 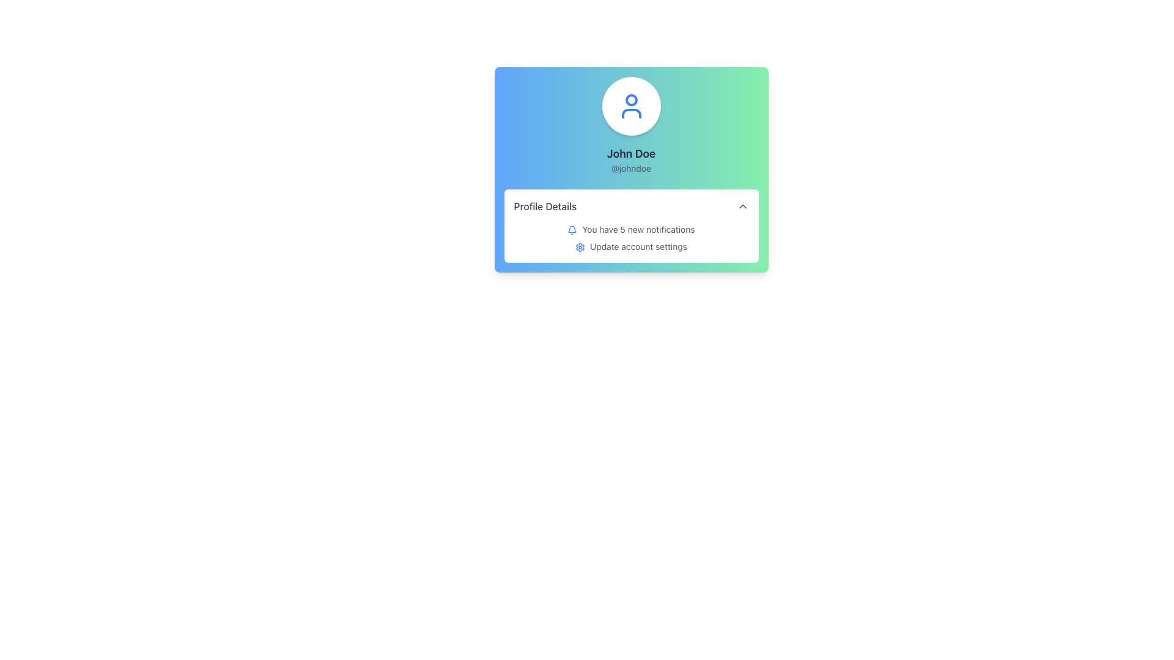 I want to click on the notification icon located in the 'Profile Details' section, so click(x=572, y=229).